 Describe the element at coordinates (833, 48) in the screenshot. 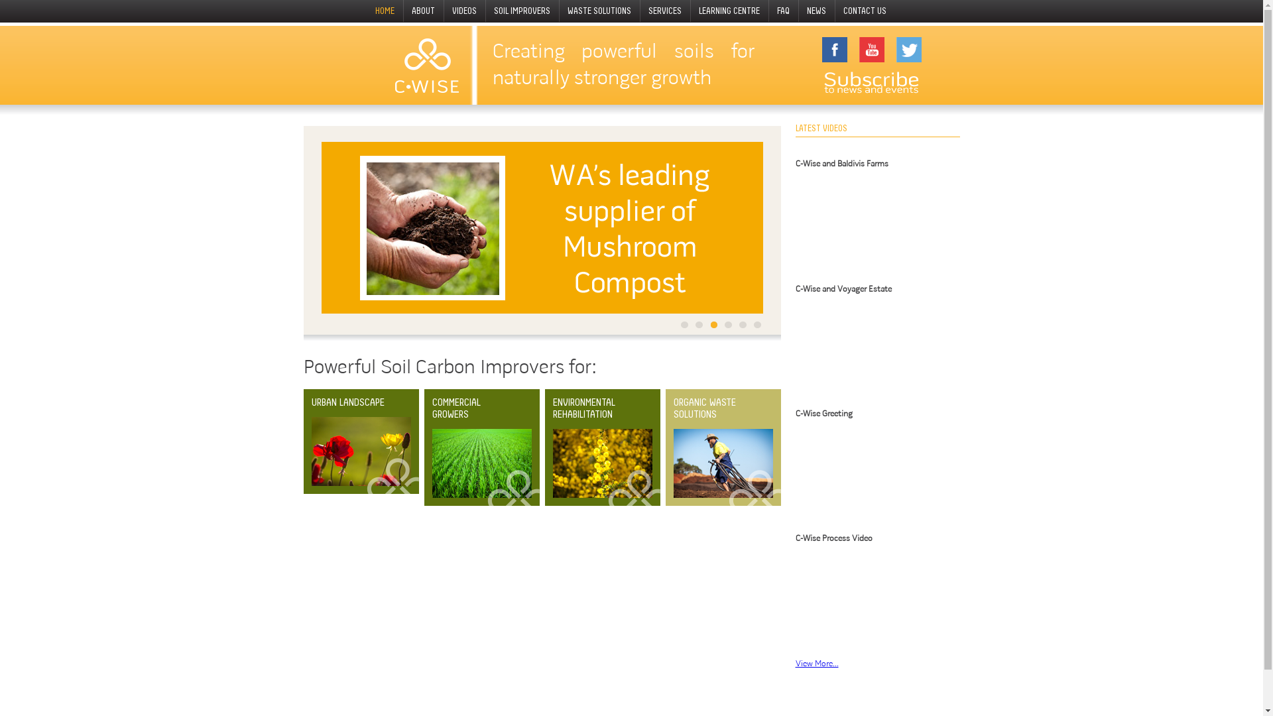

I see `'Facebook'` at that location.